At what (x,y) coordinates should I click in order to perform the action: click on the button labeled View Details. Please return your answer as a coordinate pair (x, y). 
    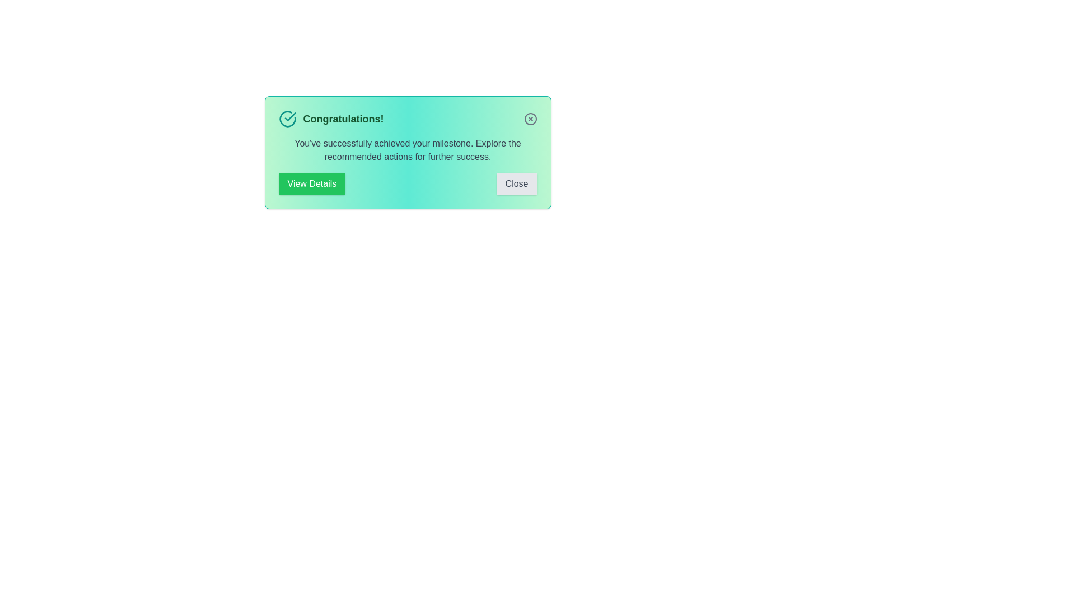
    Looking at the image, I should click on (312, 183).